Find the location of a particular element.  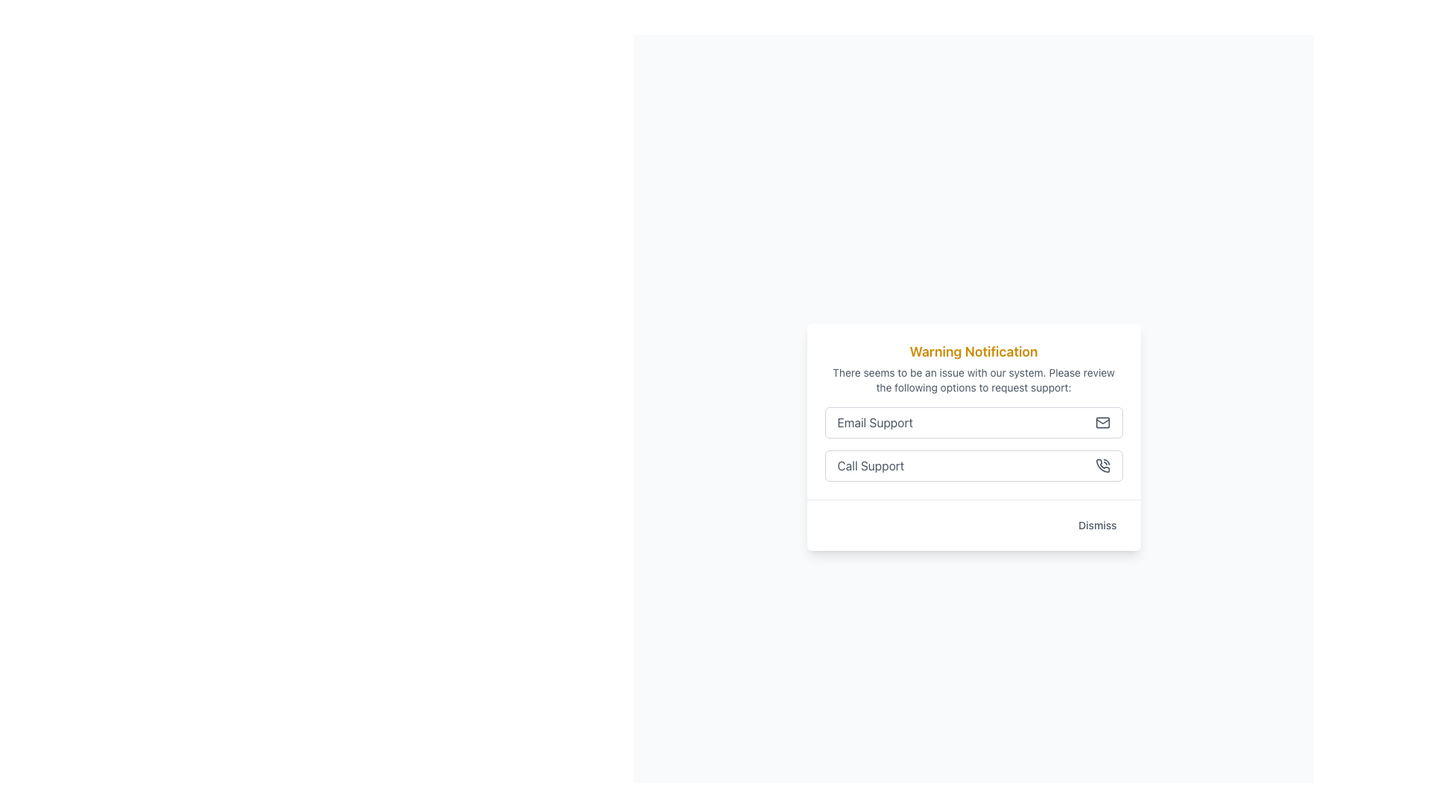

the 'Email Support' button which contains the icon for contacting support via email, located in the notification panel under the 'Warning Notification' message is located at coordinates (1102, 422).